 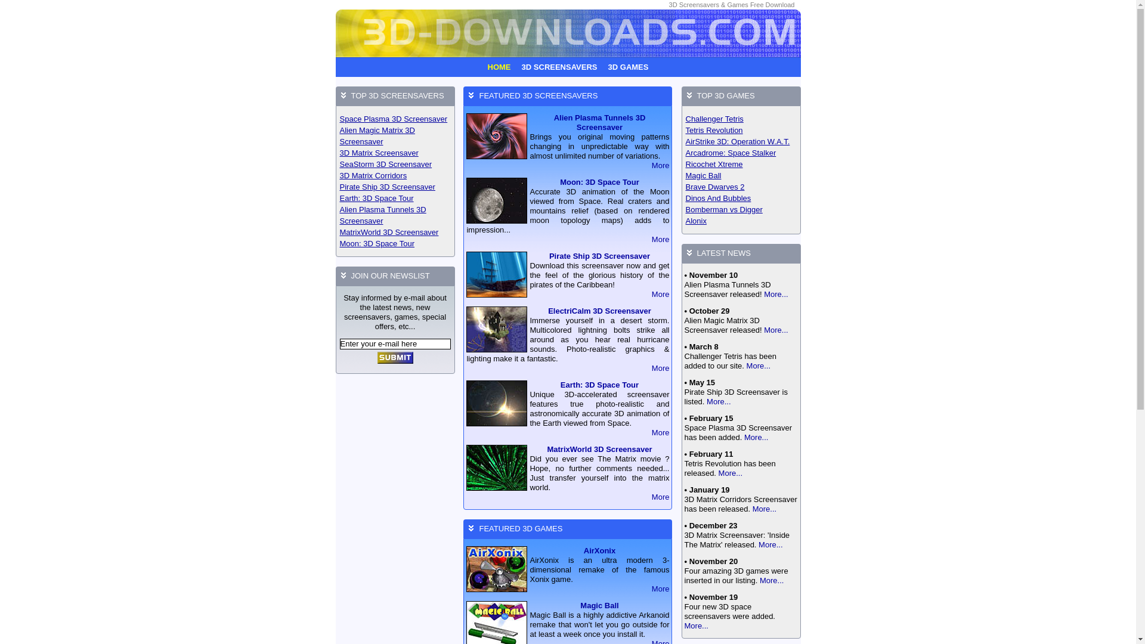 I want to click on 'Brave Dwarves 2', so click(x=741, y=187).